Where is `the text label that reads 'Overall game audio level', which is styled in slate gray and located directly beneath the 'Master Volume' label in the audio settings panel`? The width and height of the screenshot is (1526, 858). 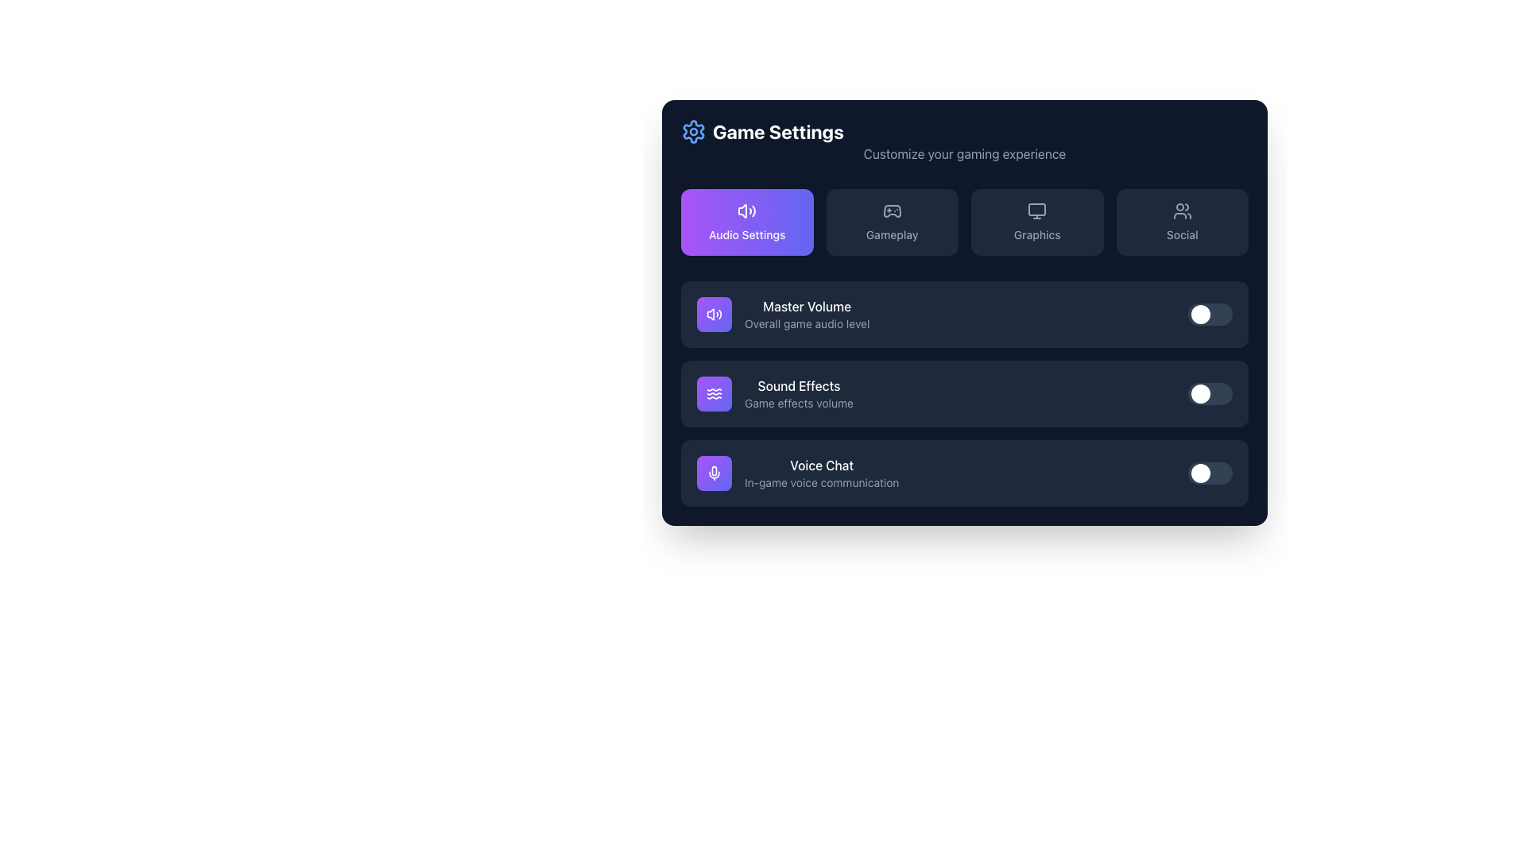 the text label that reads 'Overall game audio level', which is styled in slate gray and located directly beneath the 'Master Volume' label in the audio settings panel is located at coordinates (807, 323).